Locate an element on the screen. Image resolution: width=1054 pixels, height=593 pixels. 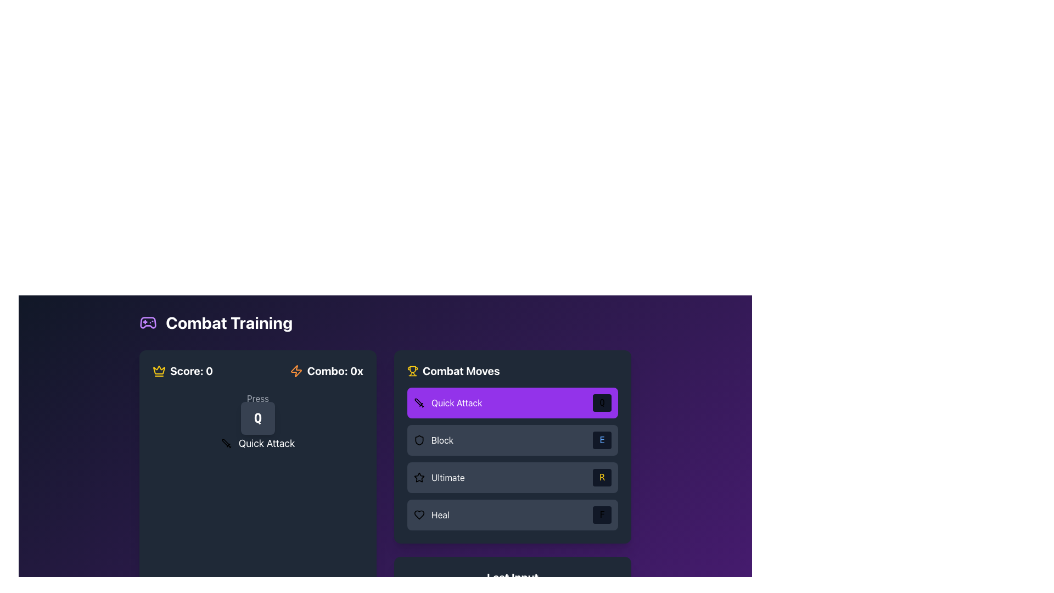
the static text display element that shows 'Combo: 0x', which is styled in bold white font and located to the right of an orange lightning icon is located at coordinates (334, 371).